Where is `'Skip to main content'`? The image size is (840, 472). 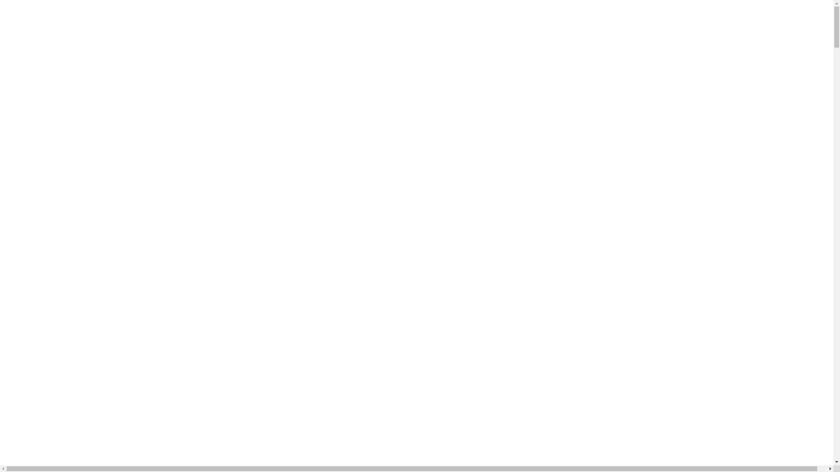
'Skip to main content' is located at coordinates (3, 3).